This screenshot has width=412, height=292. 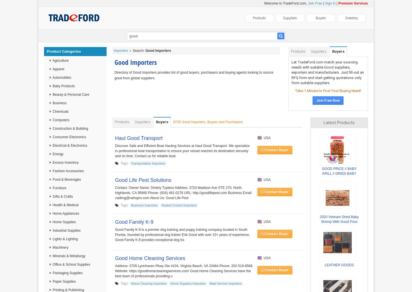 What do you see at coordinates (115, 190) in the screenshot?
I see `'Contact:
Owner Name:
Dmitriy Tupikov
Address:
3720 Madison Ave STE 270, North Highlands, CA 95660
Phone:
(916) 481-0278
URL:
http://goodlifepest.com
Business Email:'` at bounding box center [115, 190].